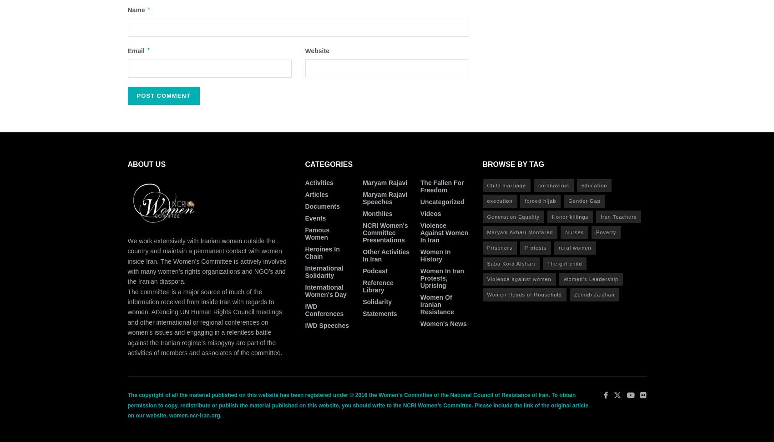 The width and height of the screenshot is (774, 442). Describe the element at coordinates (606, 232) in the screenshot. I see `'Poverty'` at that location.